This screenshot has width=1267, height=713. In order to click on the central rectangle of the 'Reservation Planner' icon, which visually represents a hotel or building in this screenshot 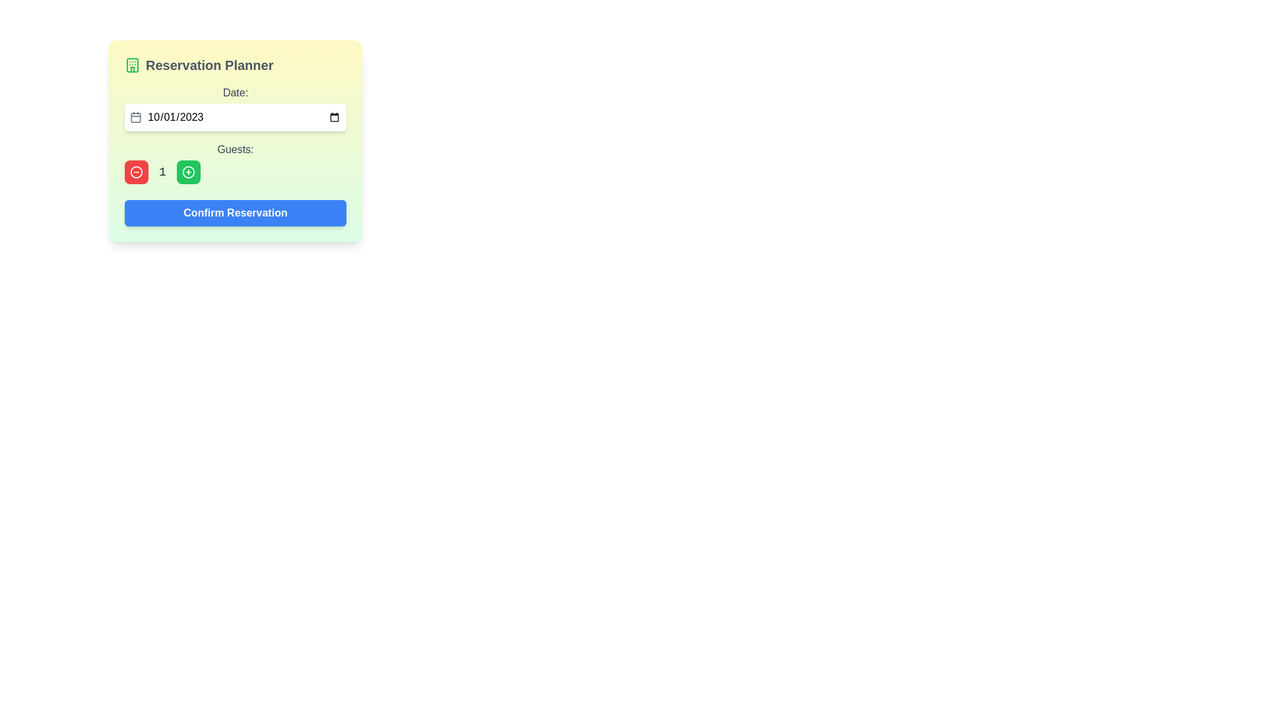, I will do `click(133, 65)`.